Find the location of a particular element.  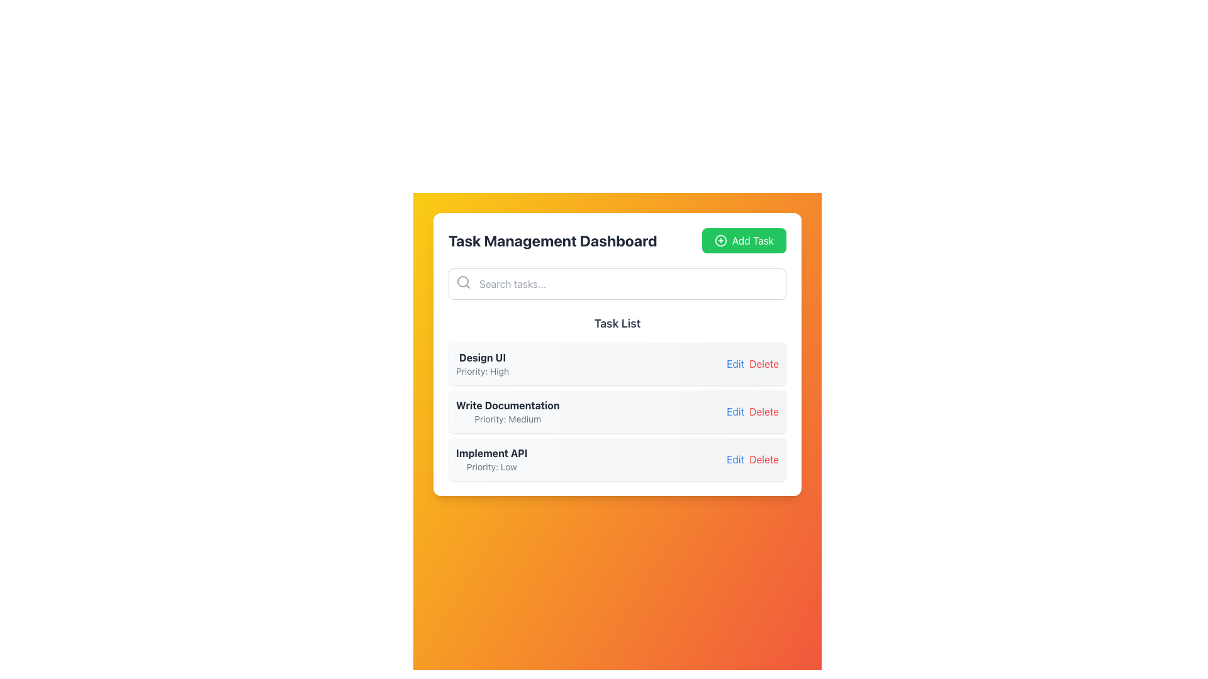

the 'Add Task' button with a green background and white text to observe its hover effect is located at coordinates (744, 240).